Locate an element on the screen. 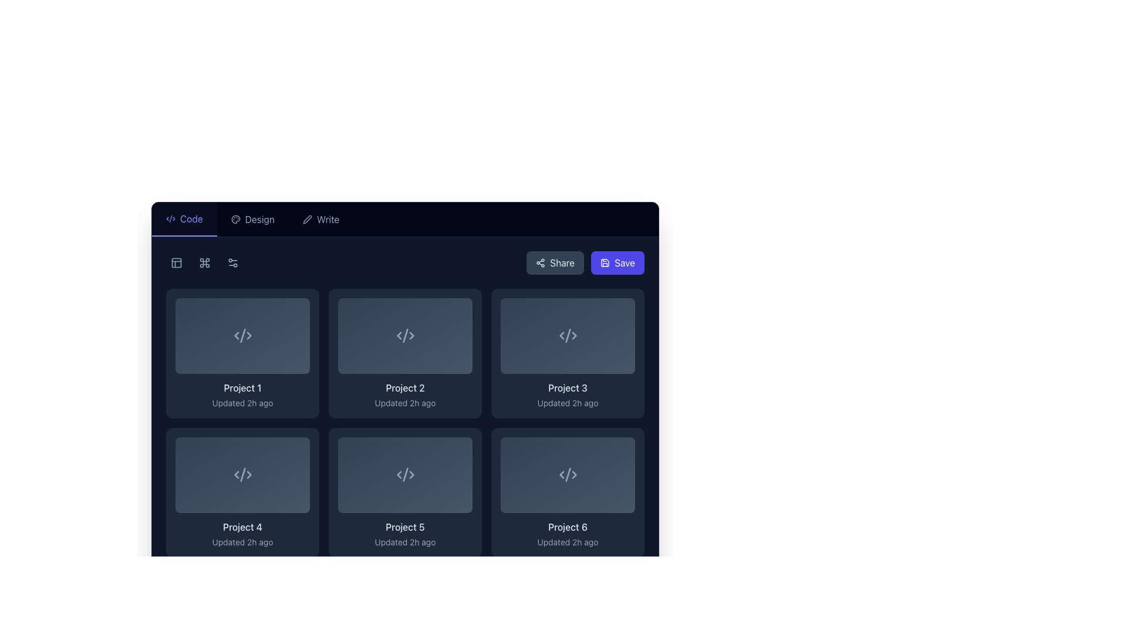 The width and height of the screenshot is (1127, 634). the 'Save' button located at the right end of the navigation bar is located at coordinates (624, 262).